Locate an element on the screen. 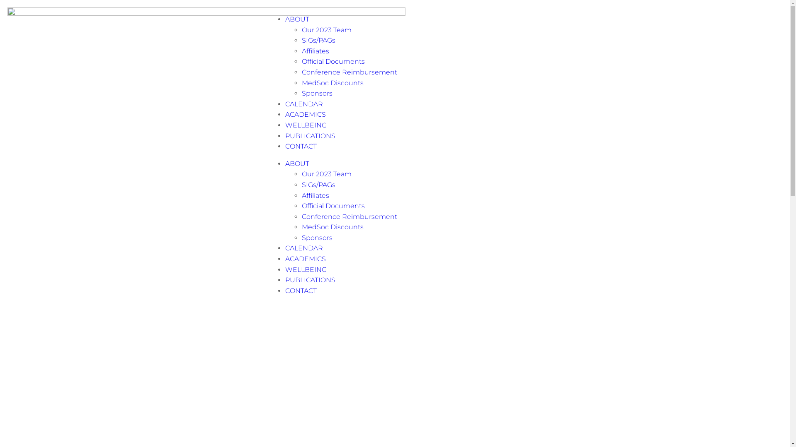  'Our 2023 Team' is located at coordinates (326, 173).